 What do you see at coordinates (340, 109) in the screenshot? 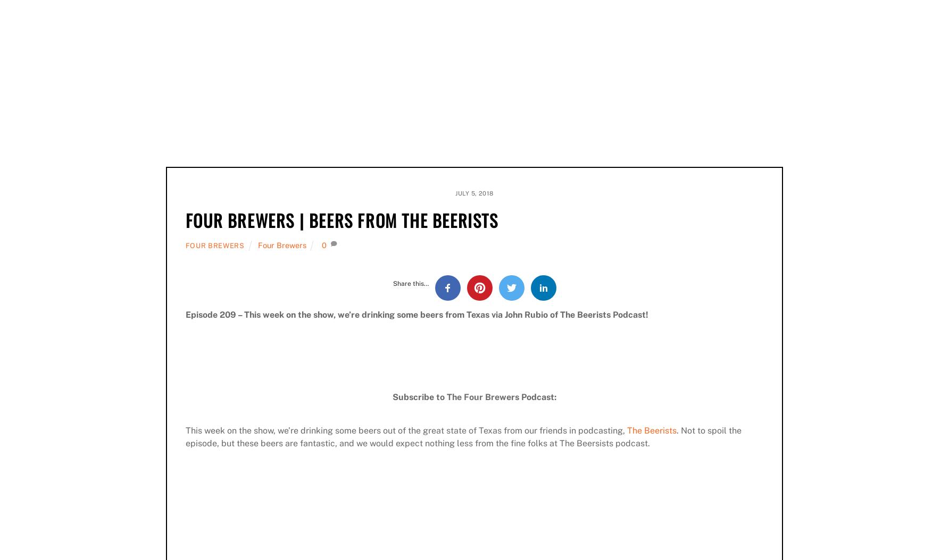
I see `'Instagram'` at bounding box center [340, 109].